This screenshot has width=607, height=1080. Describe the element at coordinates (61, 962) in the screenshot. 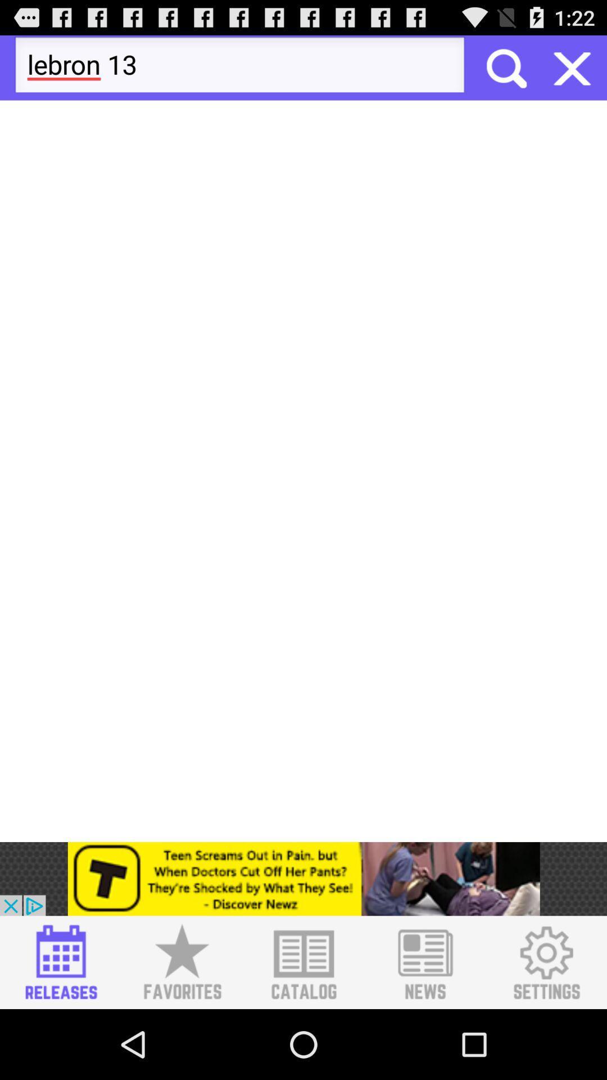

I see `releases` at that location.